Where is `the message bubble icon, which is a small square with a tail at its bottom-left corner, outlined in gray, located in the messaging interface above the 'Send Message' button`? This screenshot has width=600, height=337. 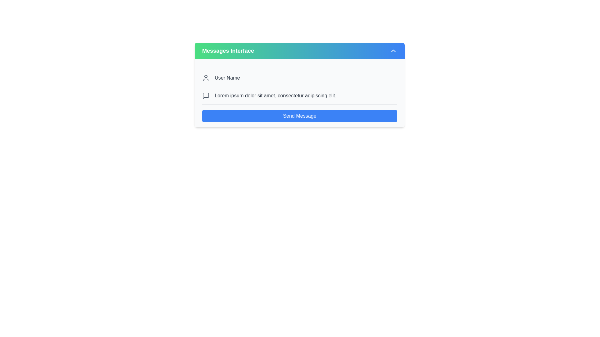 the message bubble icon, which is a small square with a tail at its bottom-left corner, outlined in gray, located in the messaging interface above the 'Send Message' button is located at coordinates (206, 96).